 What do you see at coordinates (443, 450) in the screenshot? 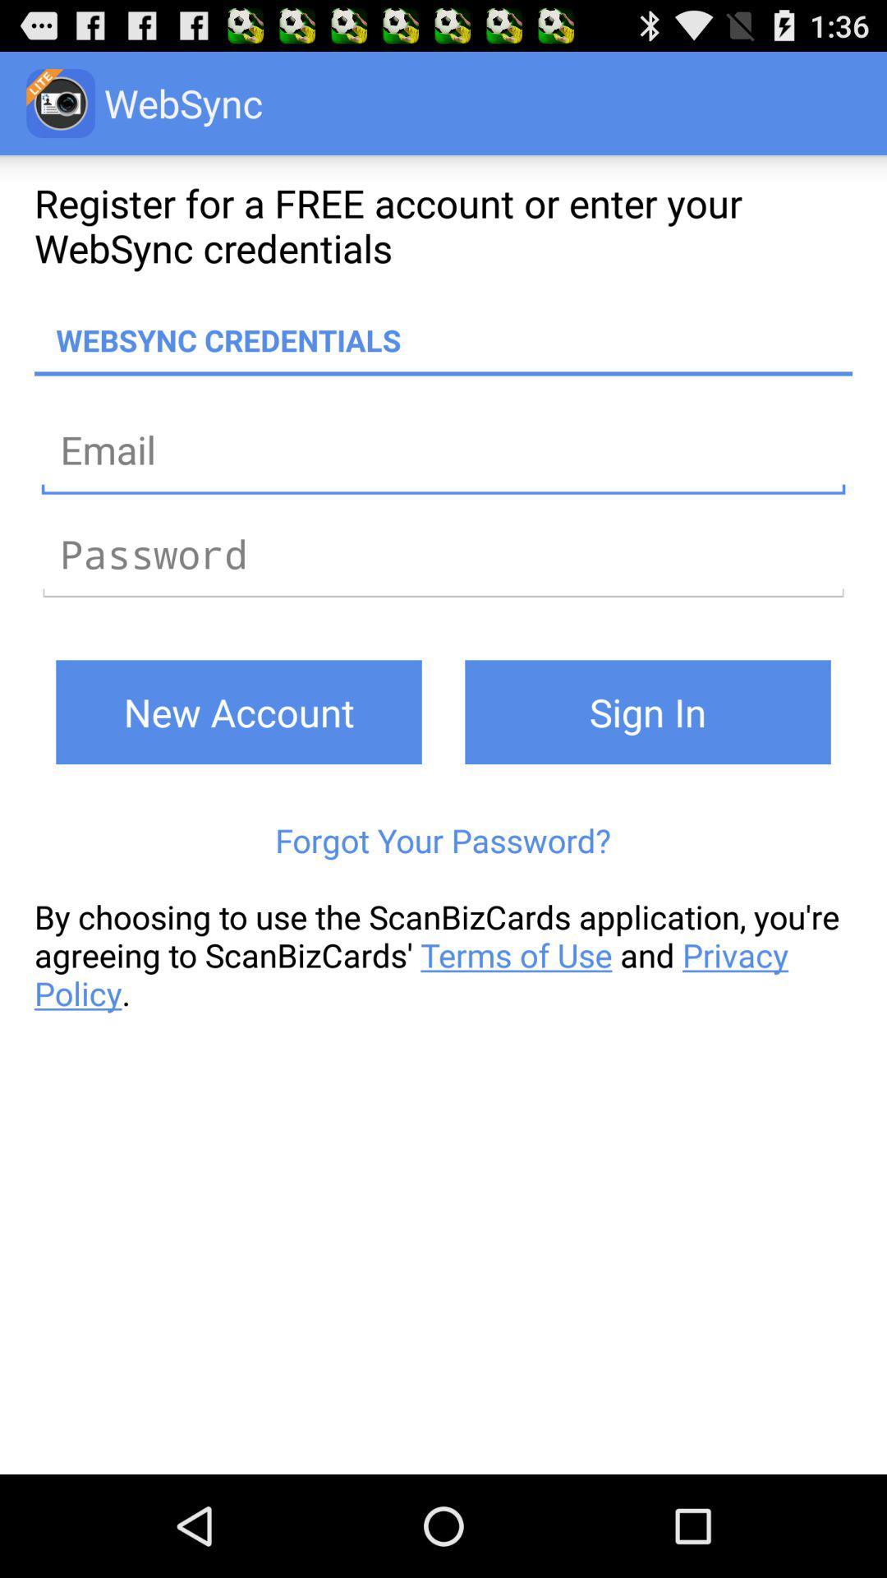
I see `type the e-mail` at bounding box center [443, 450].